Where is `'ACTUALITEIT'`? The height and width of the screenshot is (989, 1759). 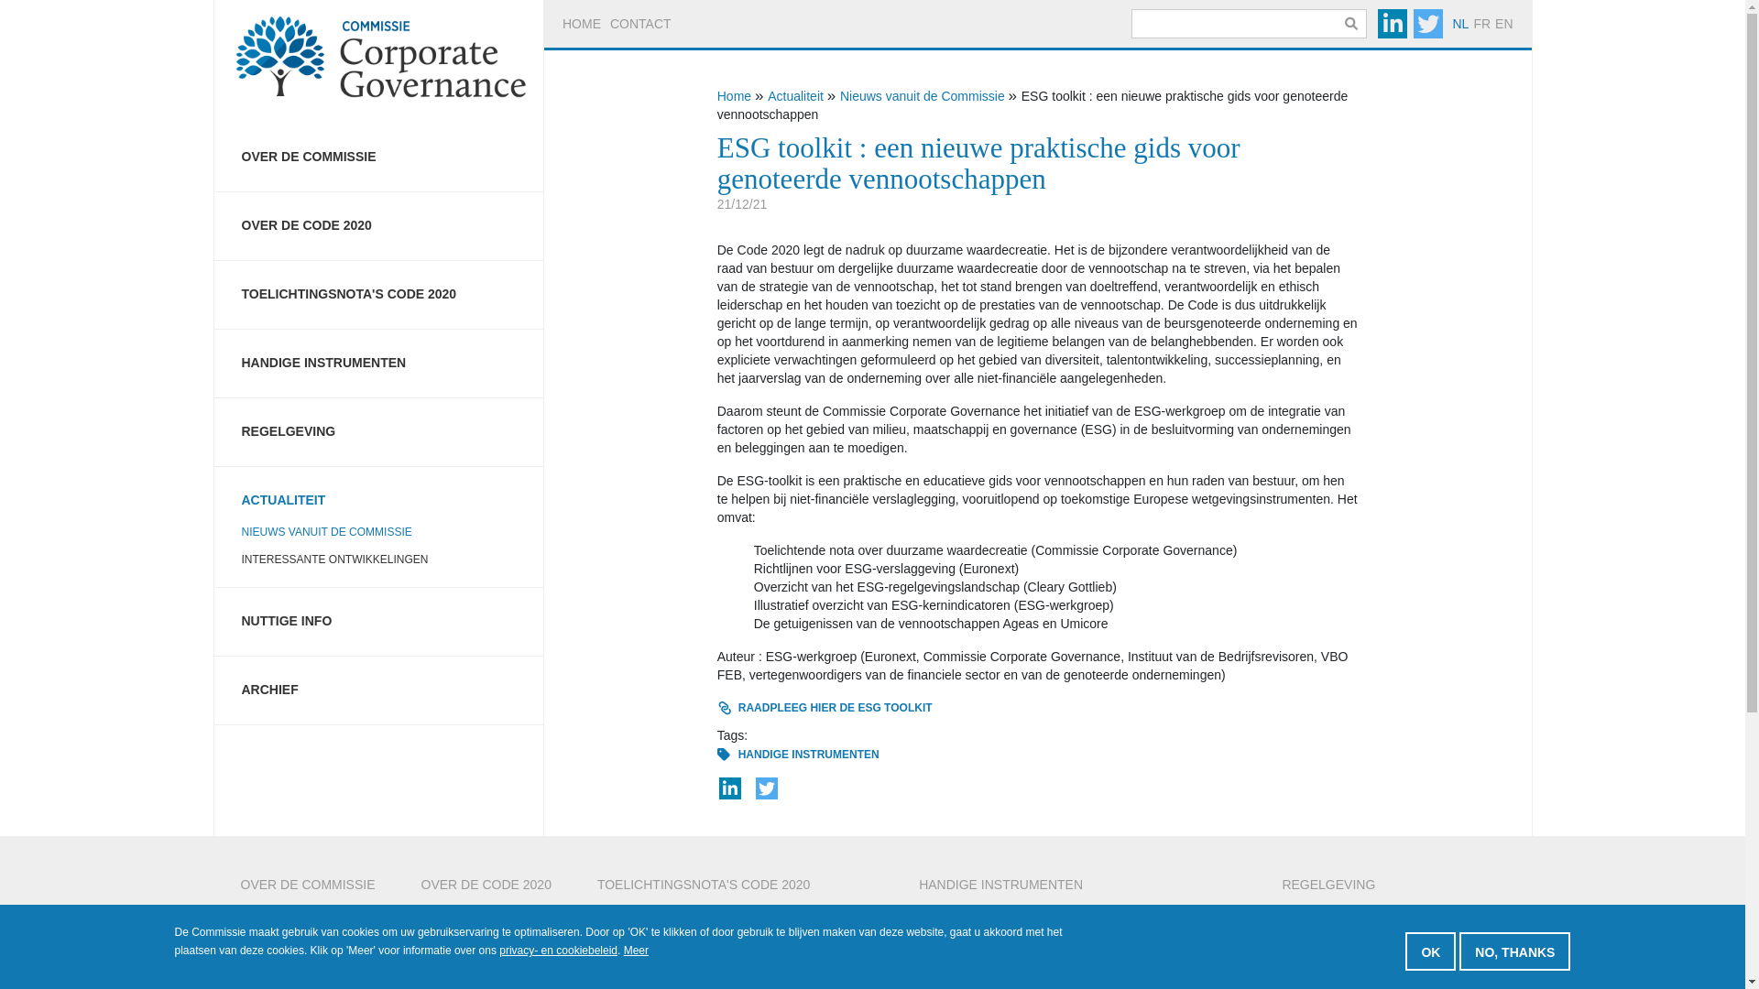 'ACTUALITEIT' is located at coordinates (377, 491).